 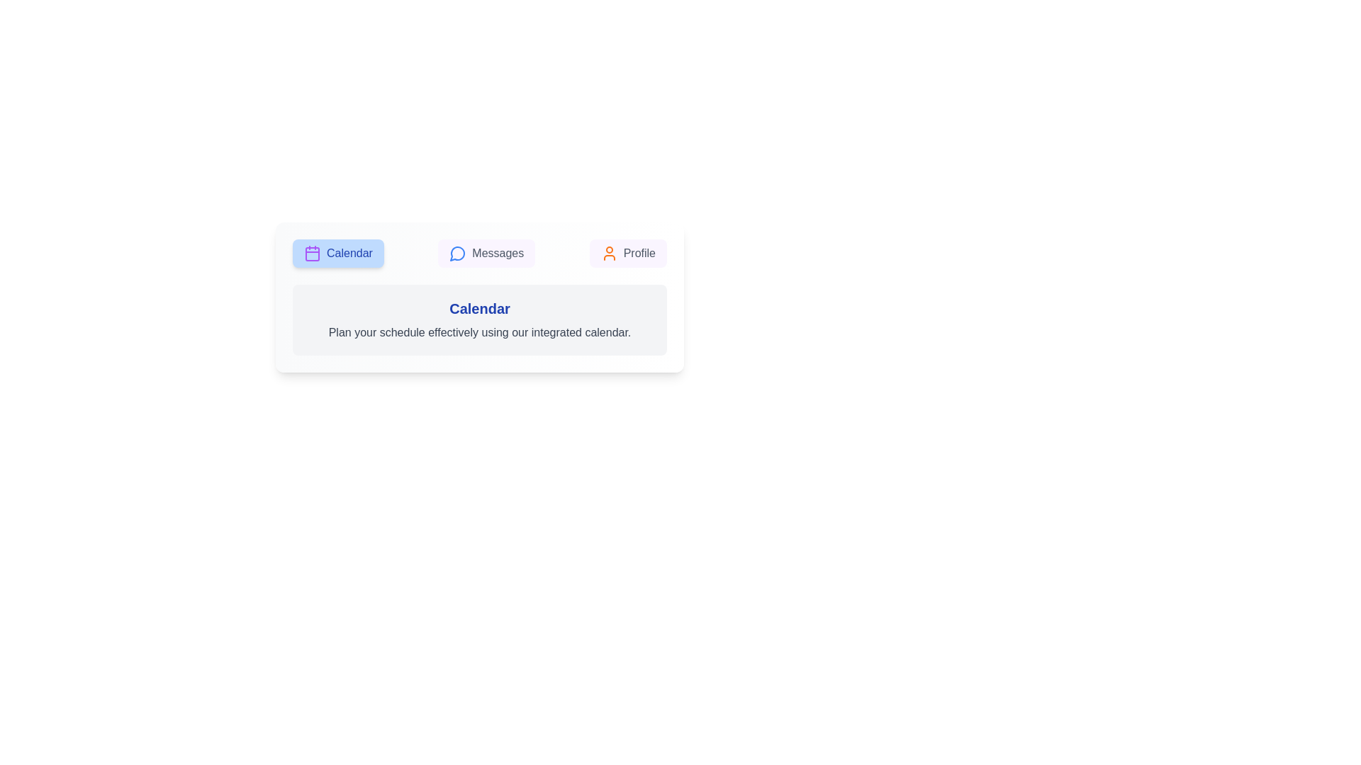 I want to click on the tab with title Calendar, so click(x=337, y=253).